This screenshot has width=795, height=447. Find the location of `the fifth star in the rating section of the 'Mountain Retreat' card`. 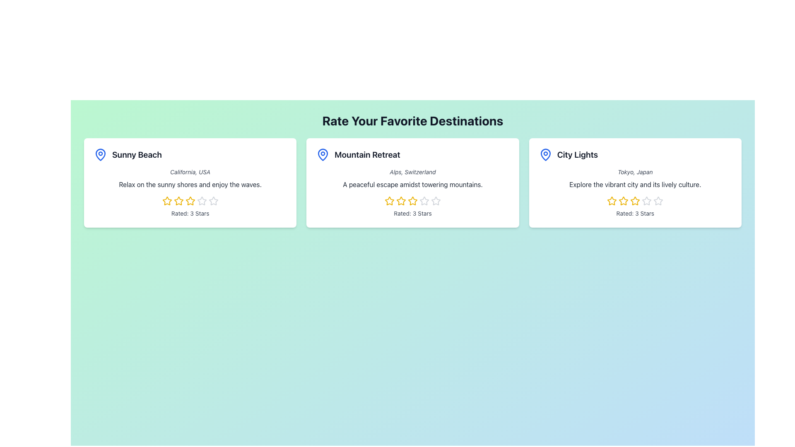

the fifth star in the rating section of the 'Mountain Retreat' card is located at coordinates (435, 201).